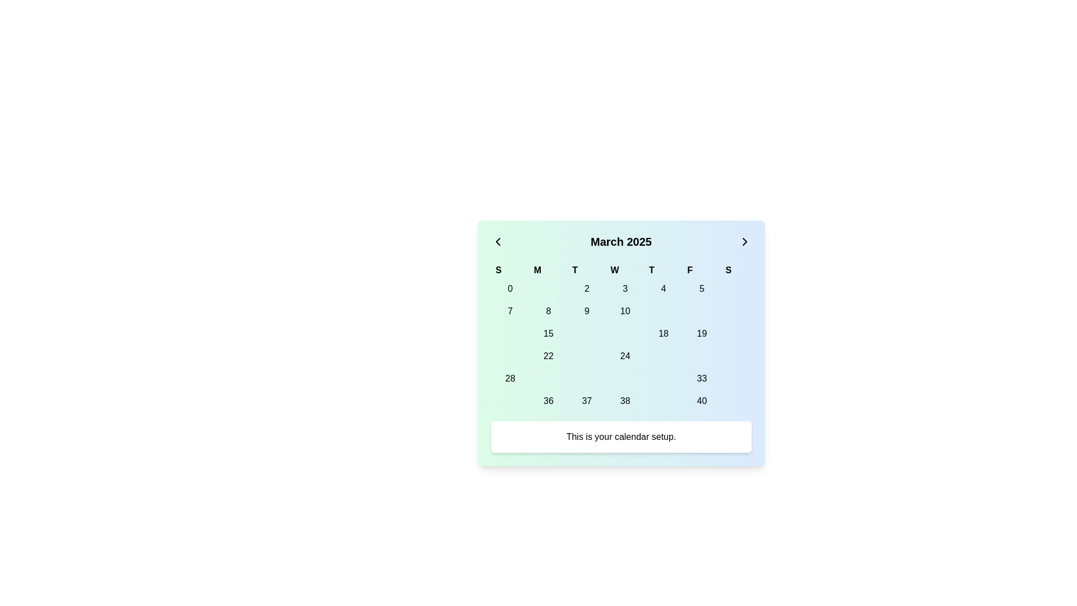 Image resolution: width=1077 pixels, height=606 pixels. I want to click on the text displaying the number '19' in black, which is set on a gradient background of green to blue in the last column of the calendar layout, so click(701, 333).